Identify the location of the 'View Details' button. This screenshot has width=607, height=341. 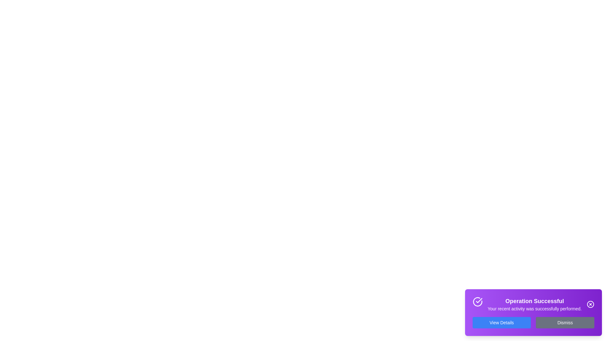
(501, 323).